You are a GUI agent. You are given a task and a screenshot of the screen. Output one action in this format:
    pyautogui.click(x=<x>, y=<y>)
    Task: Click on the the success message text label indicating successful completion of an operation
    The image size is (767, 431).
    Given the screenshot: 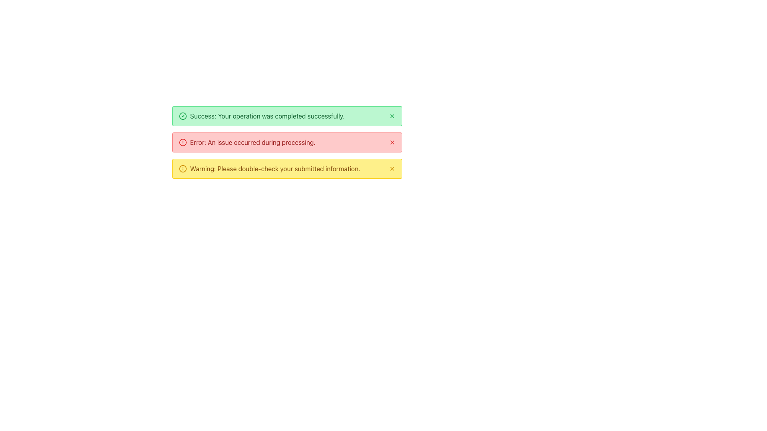 What is the action you would take?
    pyautogui.click(x=267, y=116)
    